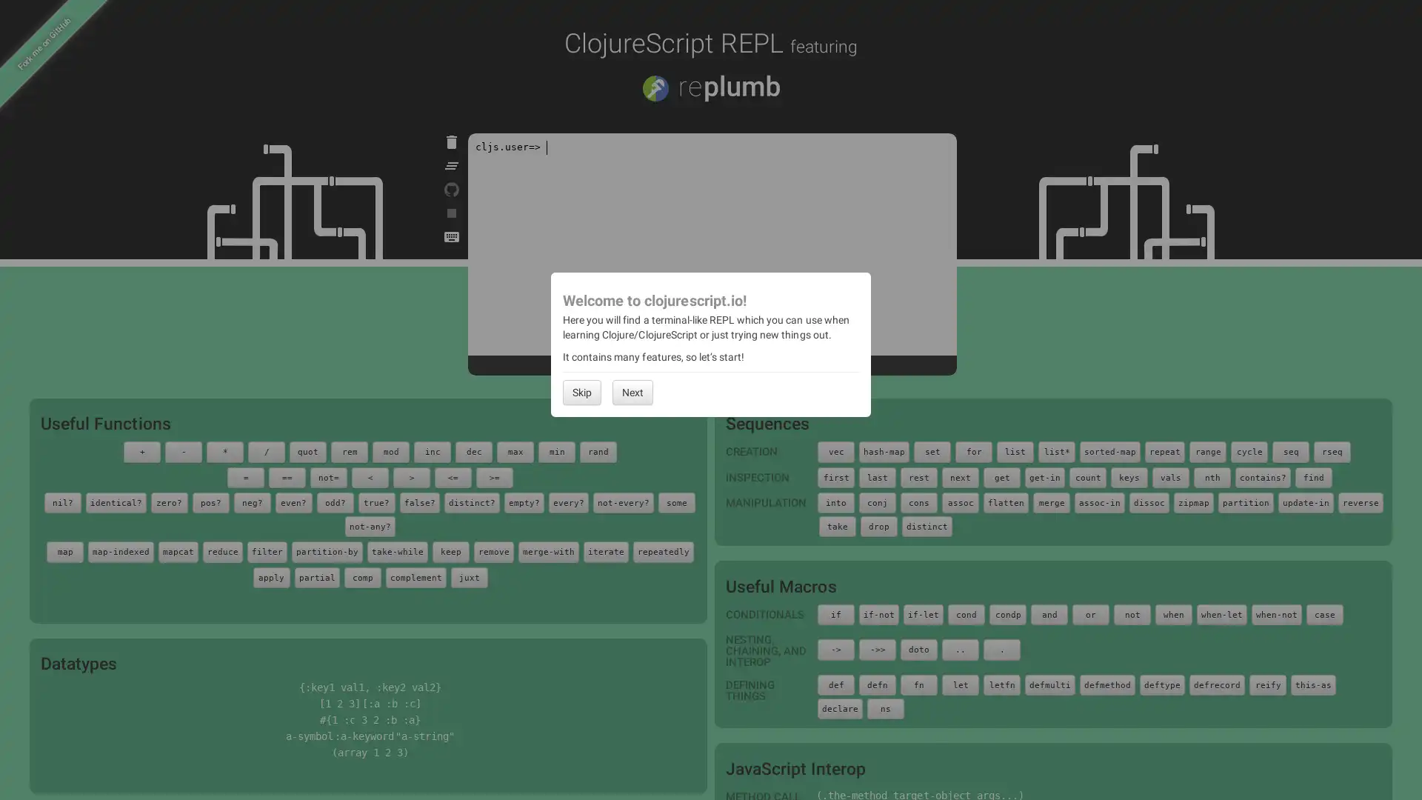 The image size is (1422, 800). Describe the element at coordinates (1051, 501) in the screenshot. I see `merge` at that location.